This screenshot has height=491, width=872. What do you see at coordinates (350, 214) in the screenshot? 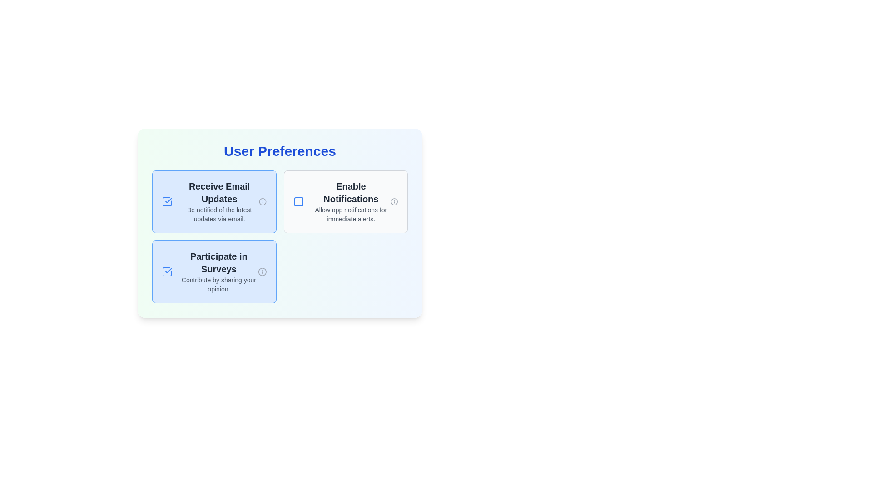
I see `the descriptive text label providing information about the 'Enable Notifications' option, which is located below the title 'Enable Notifications' in the user preferences section` at bounding box center [350, 214].